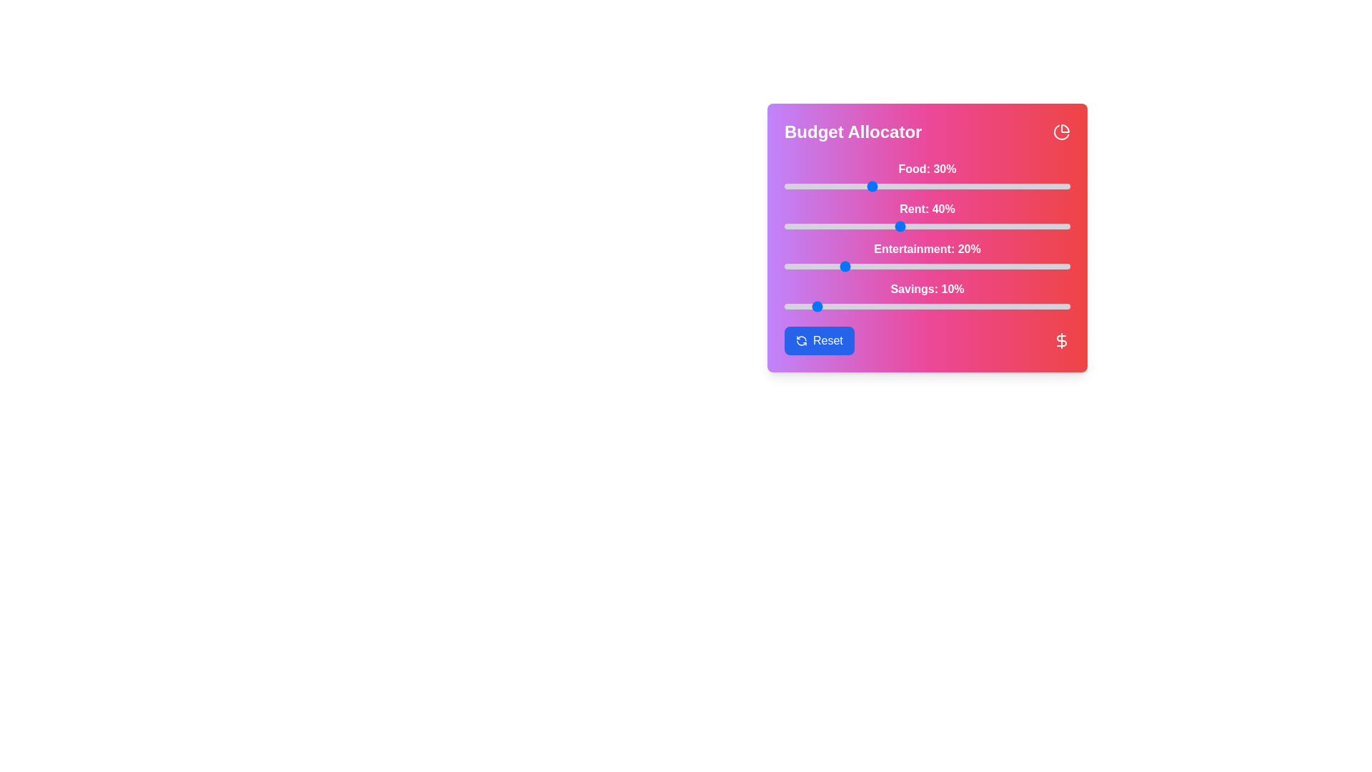 Image resolution: width=1372 pixels, height=772 pixels. I want to click on the savings percentage, so click(836, 305).